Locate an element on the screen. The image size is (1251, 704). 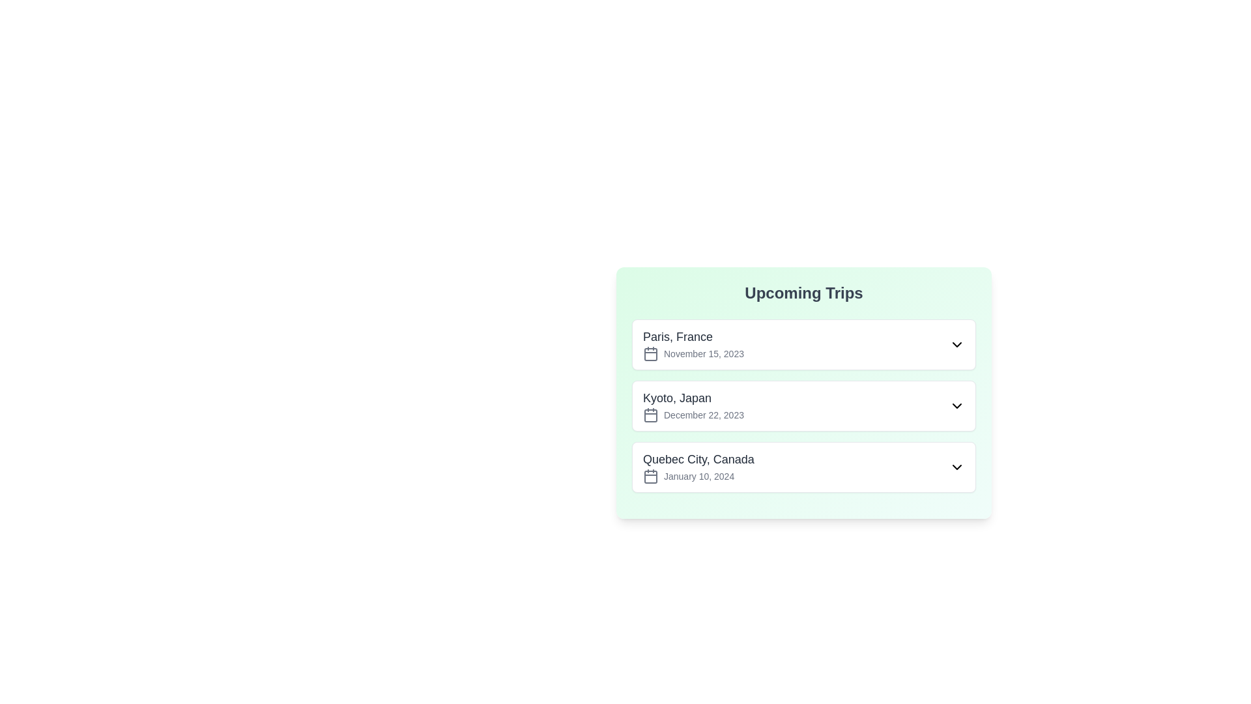
the date indicator icon adjacent is located at coordinates (650, 477).